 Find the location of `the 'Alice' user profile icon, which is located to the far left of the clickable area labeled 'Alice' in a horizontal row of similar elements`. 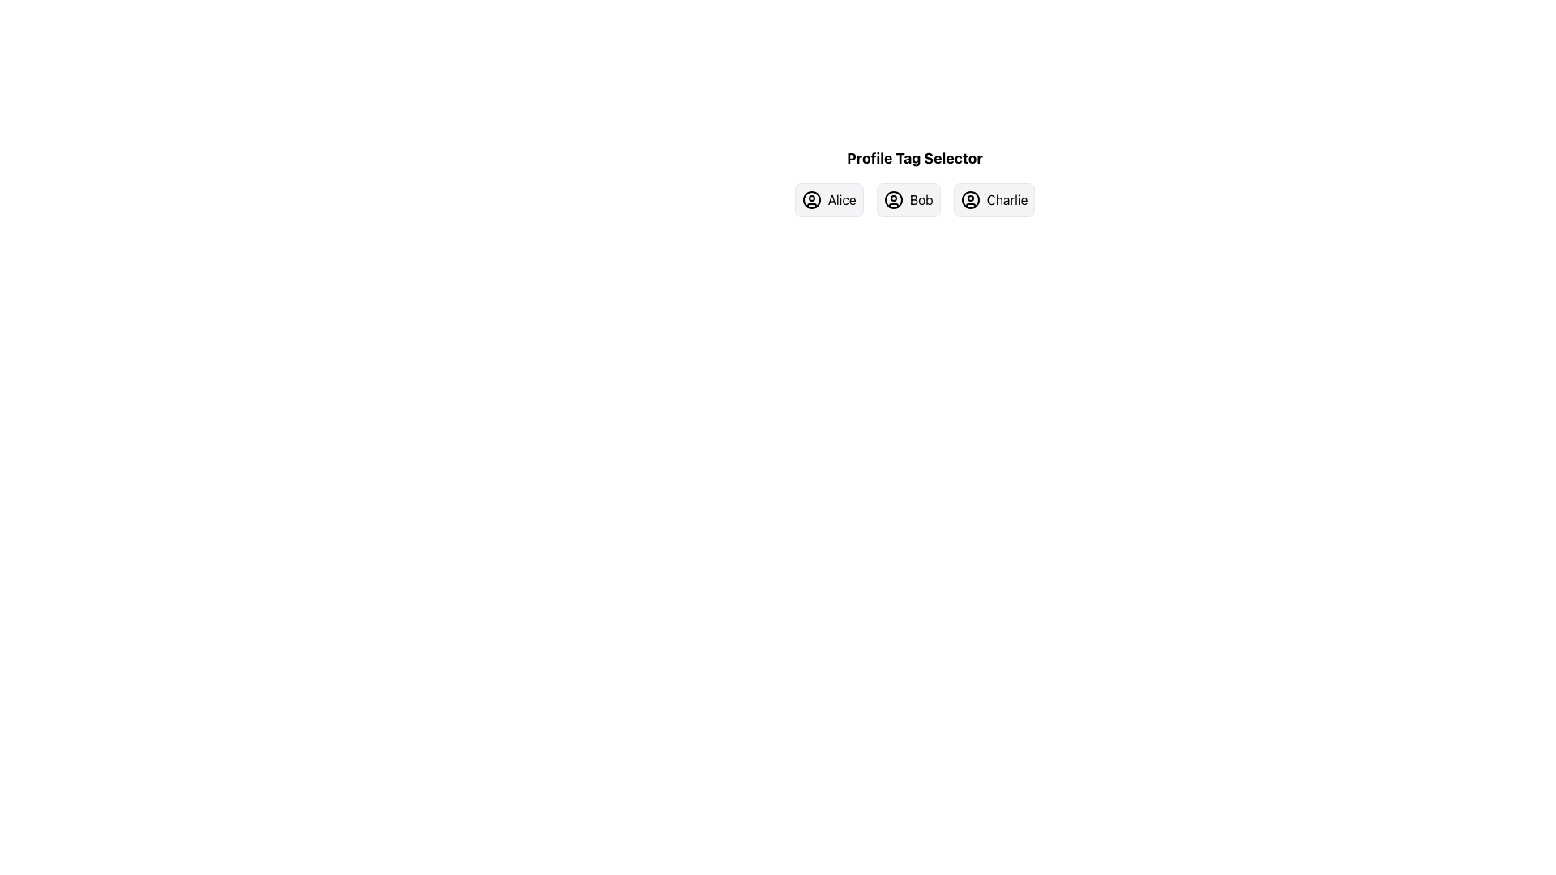

the 'Alice' user profile icon, which is located to the far left of the clickable area labeled 'Alice' in a horizontal row of similar elements is located at coordinates (811, 198).